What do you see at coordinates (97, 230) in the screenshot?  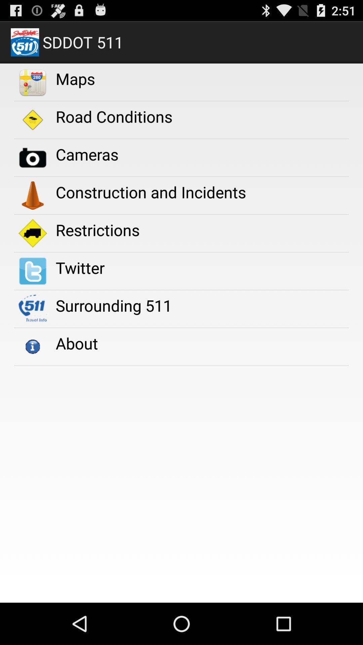 I see `restrictions icon` at bounding box center [97, 230].